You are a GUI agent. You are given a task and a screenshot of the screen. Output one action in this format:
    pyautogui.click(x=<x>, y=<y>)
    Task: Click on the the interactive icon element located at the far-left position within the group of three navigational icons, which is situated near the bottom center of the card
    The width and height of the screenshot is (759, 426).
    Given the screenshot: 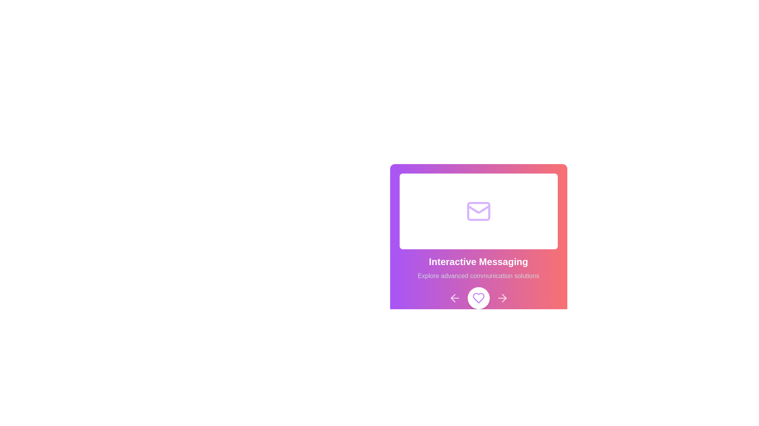 What is the action you would take?
    pyautogui.click(x=455, y=298)
    